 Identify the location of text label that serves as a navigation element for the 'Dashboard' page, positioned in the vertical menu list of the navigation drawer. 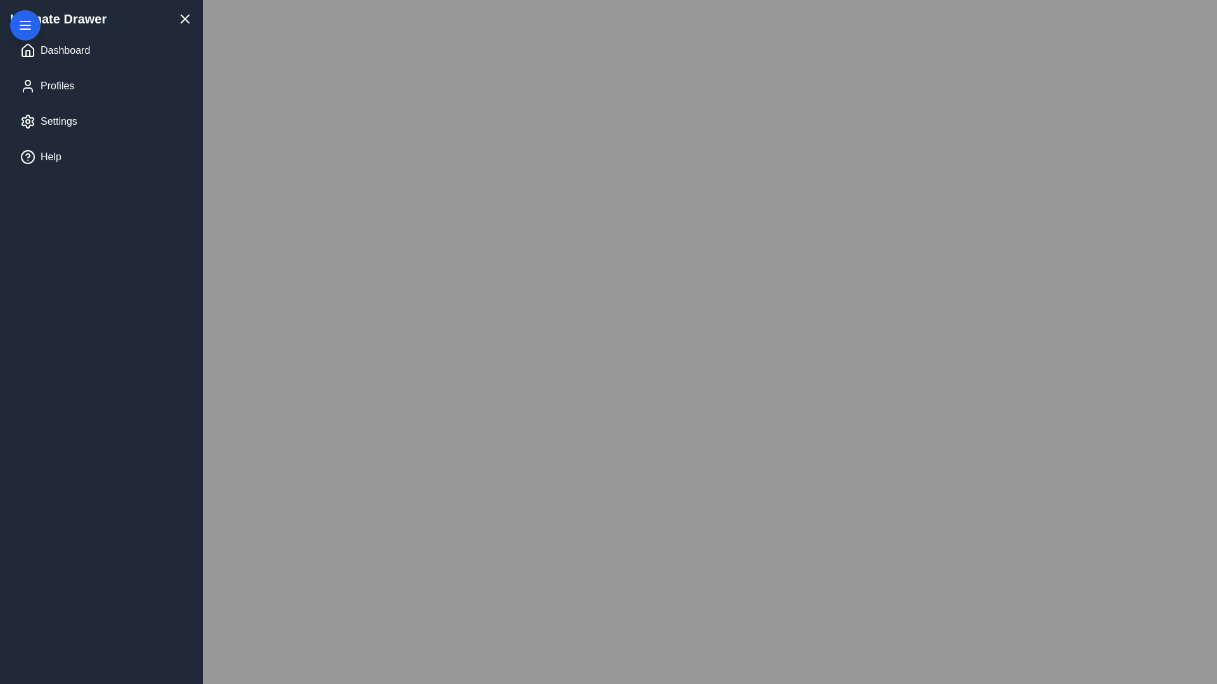
(65, 50).